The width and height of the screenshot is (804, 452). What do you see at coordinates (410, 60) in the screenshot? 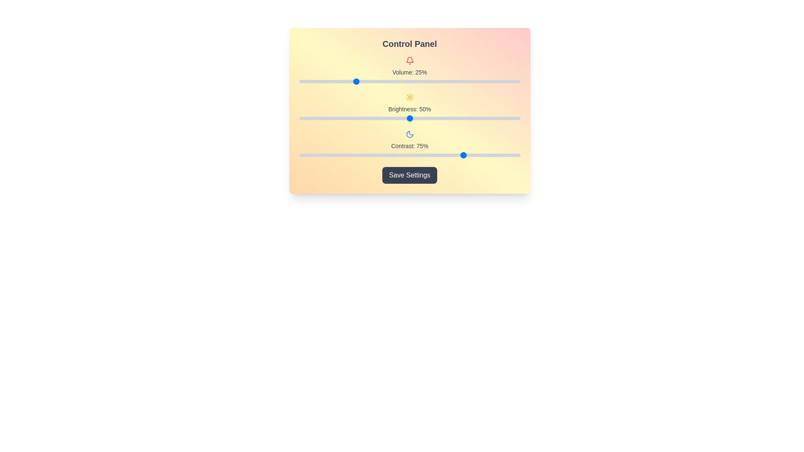
I see `the prominent red bell-shaped icon located in the 'Volume: 25%' section of the control panel, positioned above the volume slider` at bounding box center [410, 60].